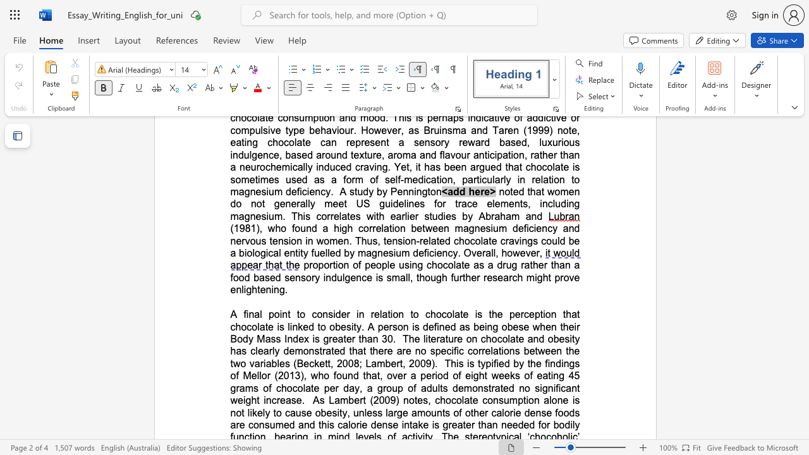  Describe the element at coordinates (288, 351) in the screenshot. I see `the subset text "emons" within the text "demonstrated"` at that location.